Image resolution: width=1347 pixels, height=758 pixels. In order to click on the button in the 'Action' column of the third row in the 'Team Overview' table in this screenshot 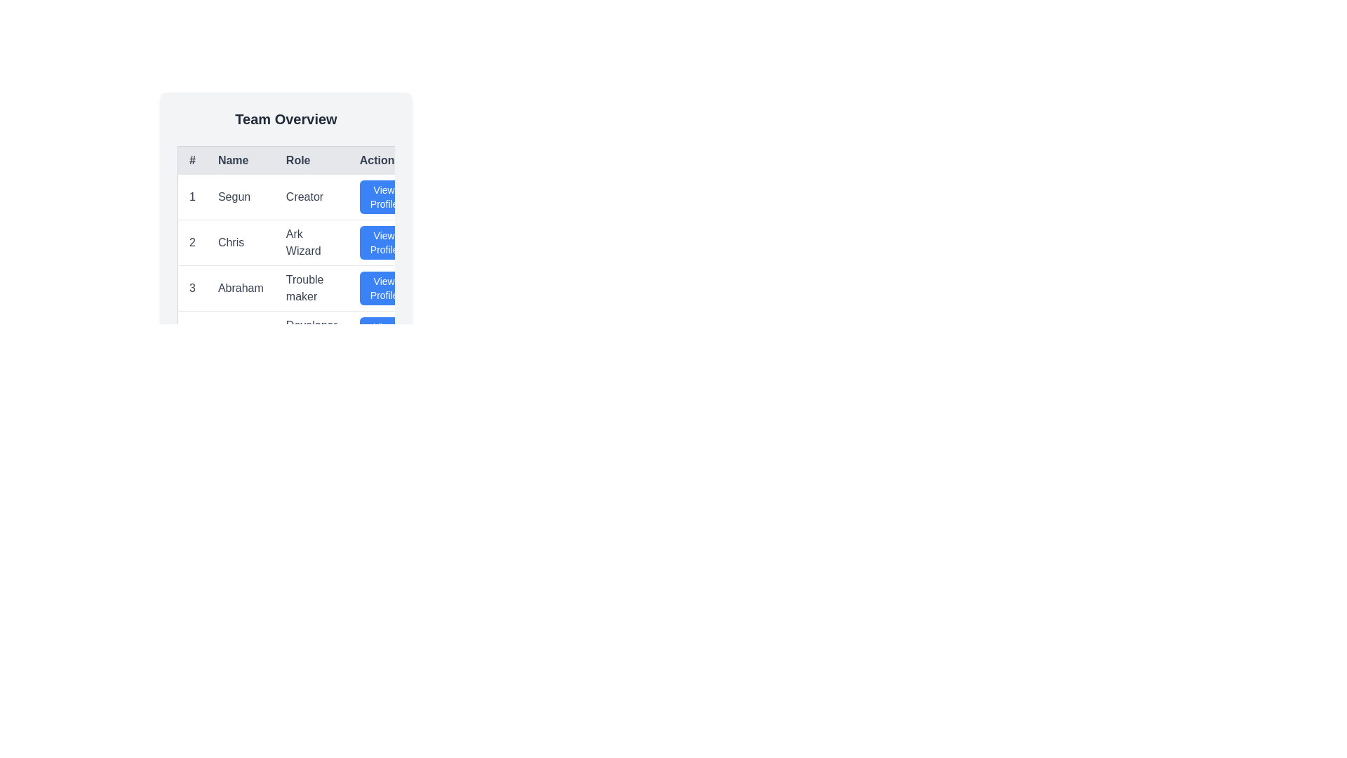, I will do `click(390, 288)`.